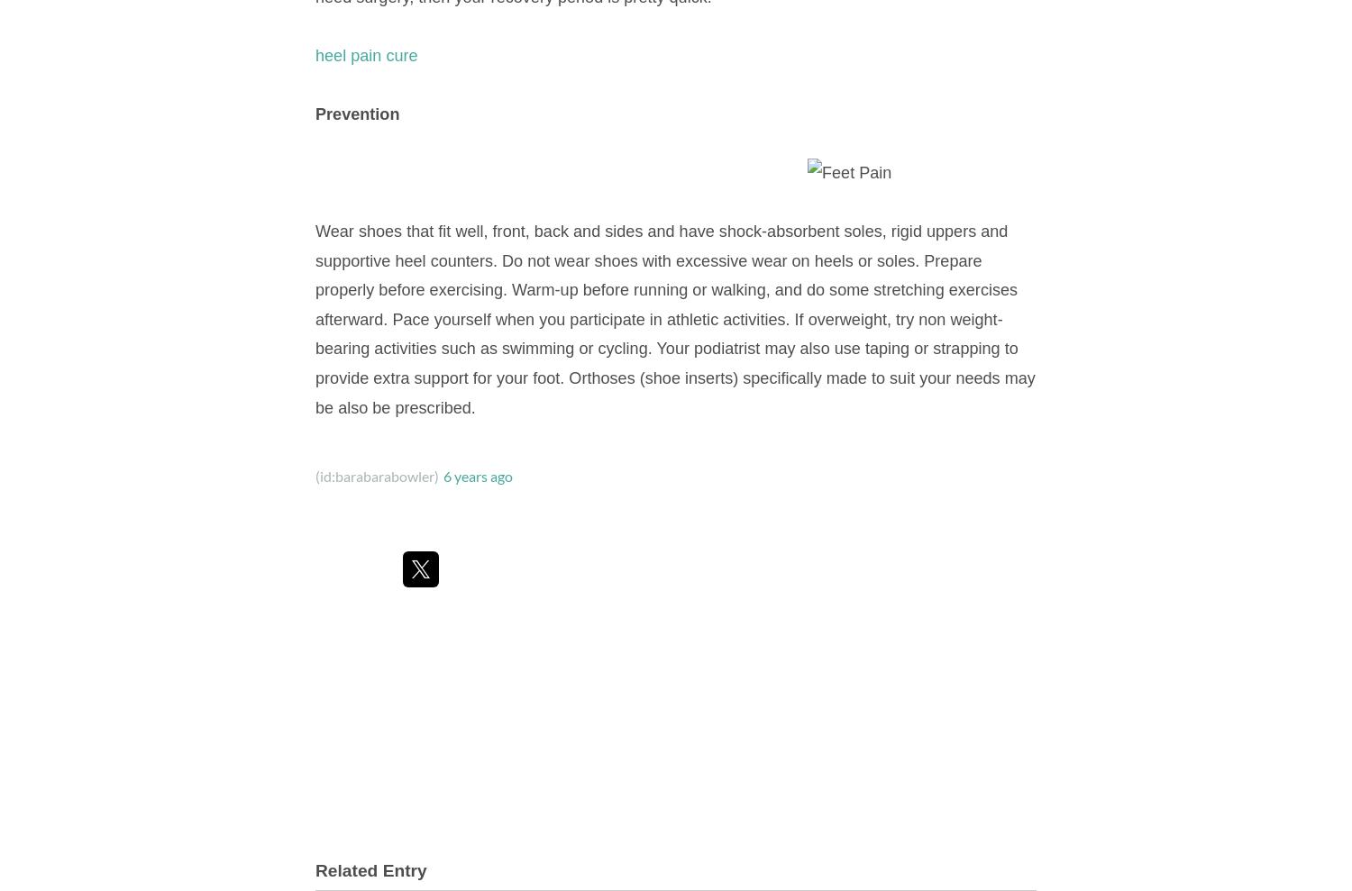  I want to click on '6 years ago', so click(443, 476).